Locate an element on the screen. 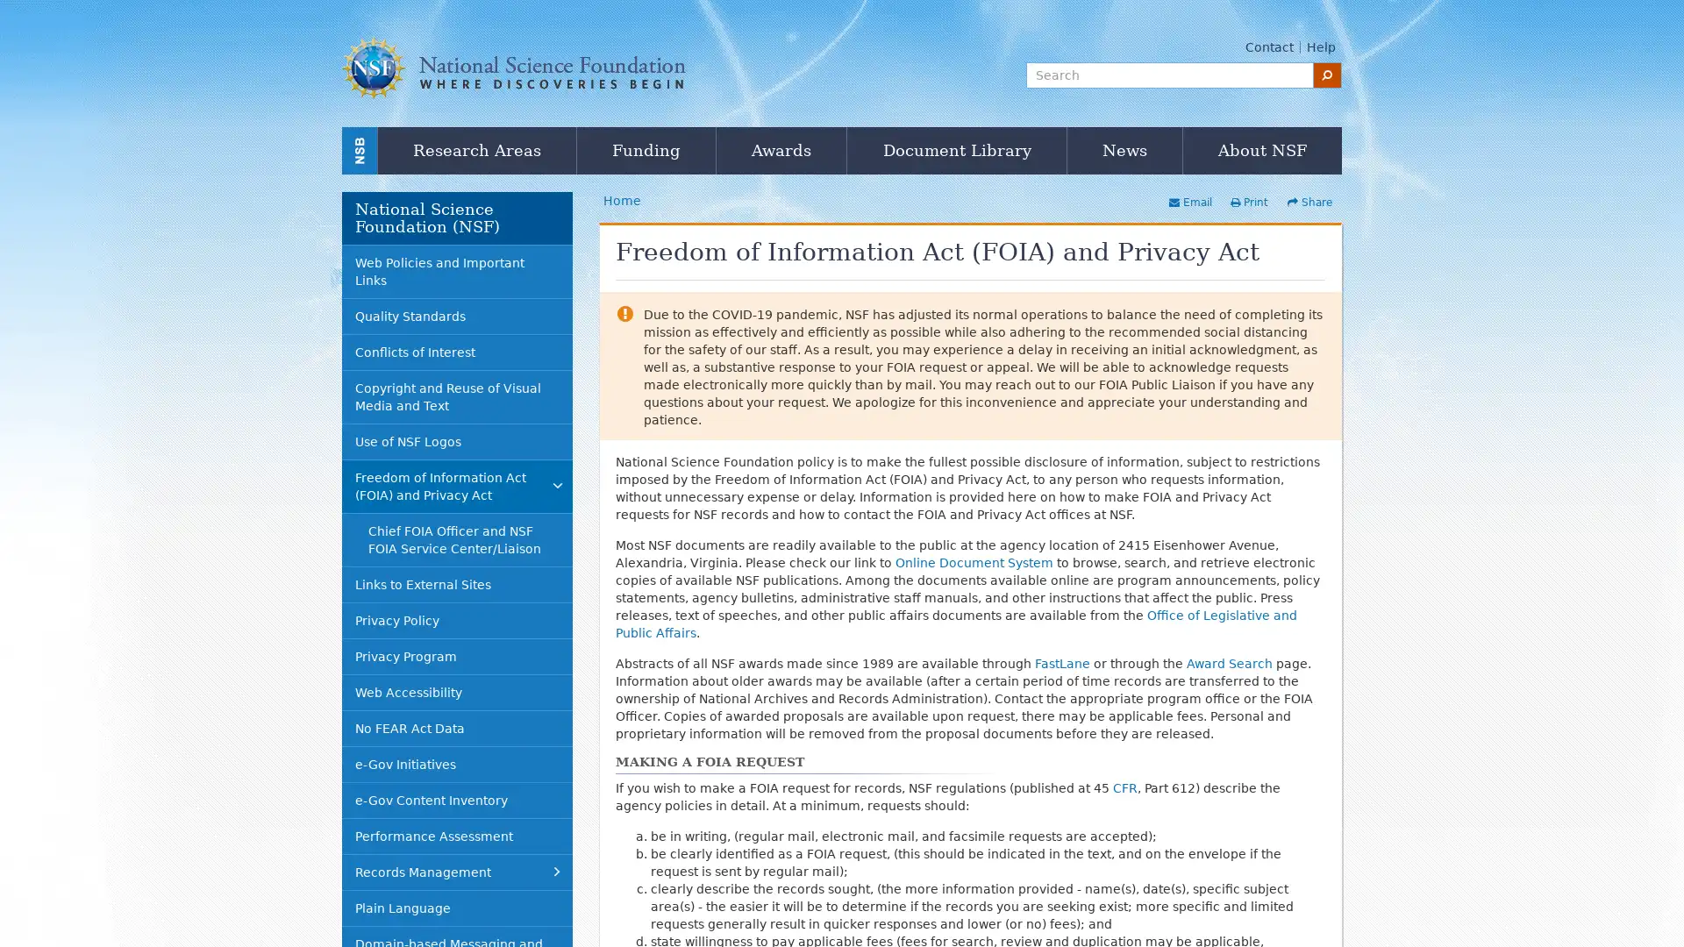  Share this page is located at coordinates (1309, 202).